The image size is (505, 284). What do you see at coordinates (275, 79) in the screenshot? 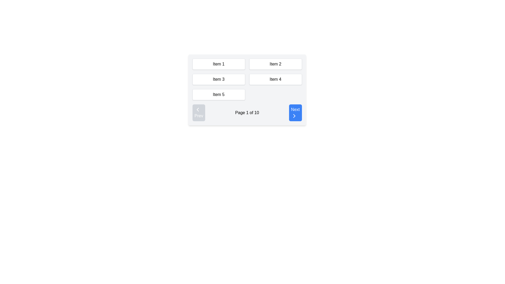
I see `the button labeled 'Item 4'` at bounding box center [275, 79].